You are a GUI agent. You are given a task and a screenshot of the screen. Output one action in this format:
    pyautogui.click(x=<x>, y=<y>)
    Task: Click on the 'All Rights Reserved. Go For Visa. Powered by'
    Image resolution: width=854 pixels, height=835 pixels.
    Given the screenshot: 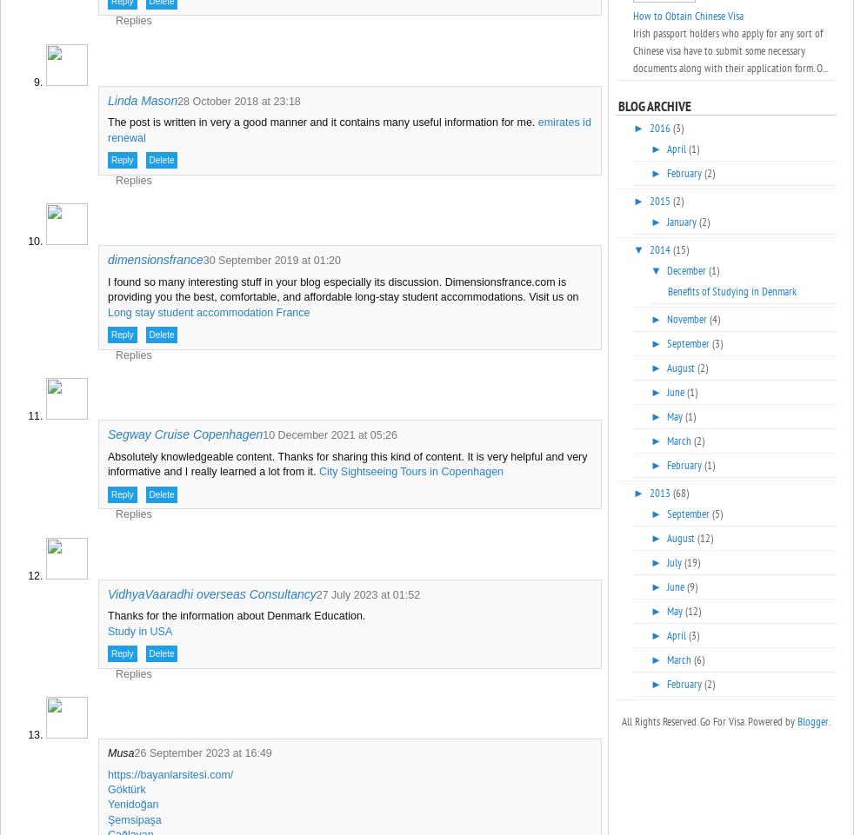 What is the action you would take?
    pyautogui.click(x=710, y=721)
    